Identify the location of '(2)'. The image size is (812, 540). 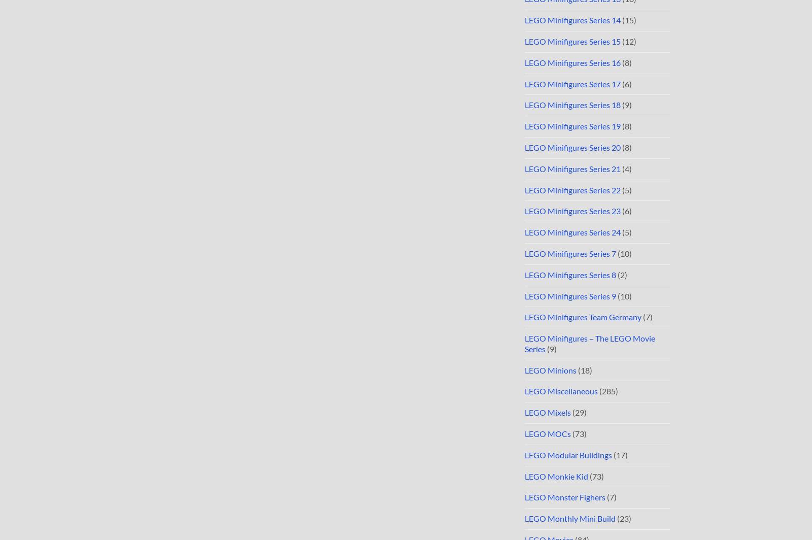
(621, 274).